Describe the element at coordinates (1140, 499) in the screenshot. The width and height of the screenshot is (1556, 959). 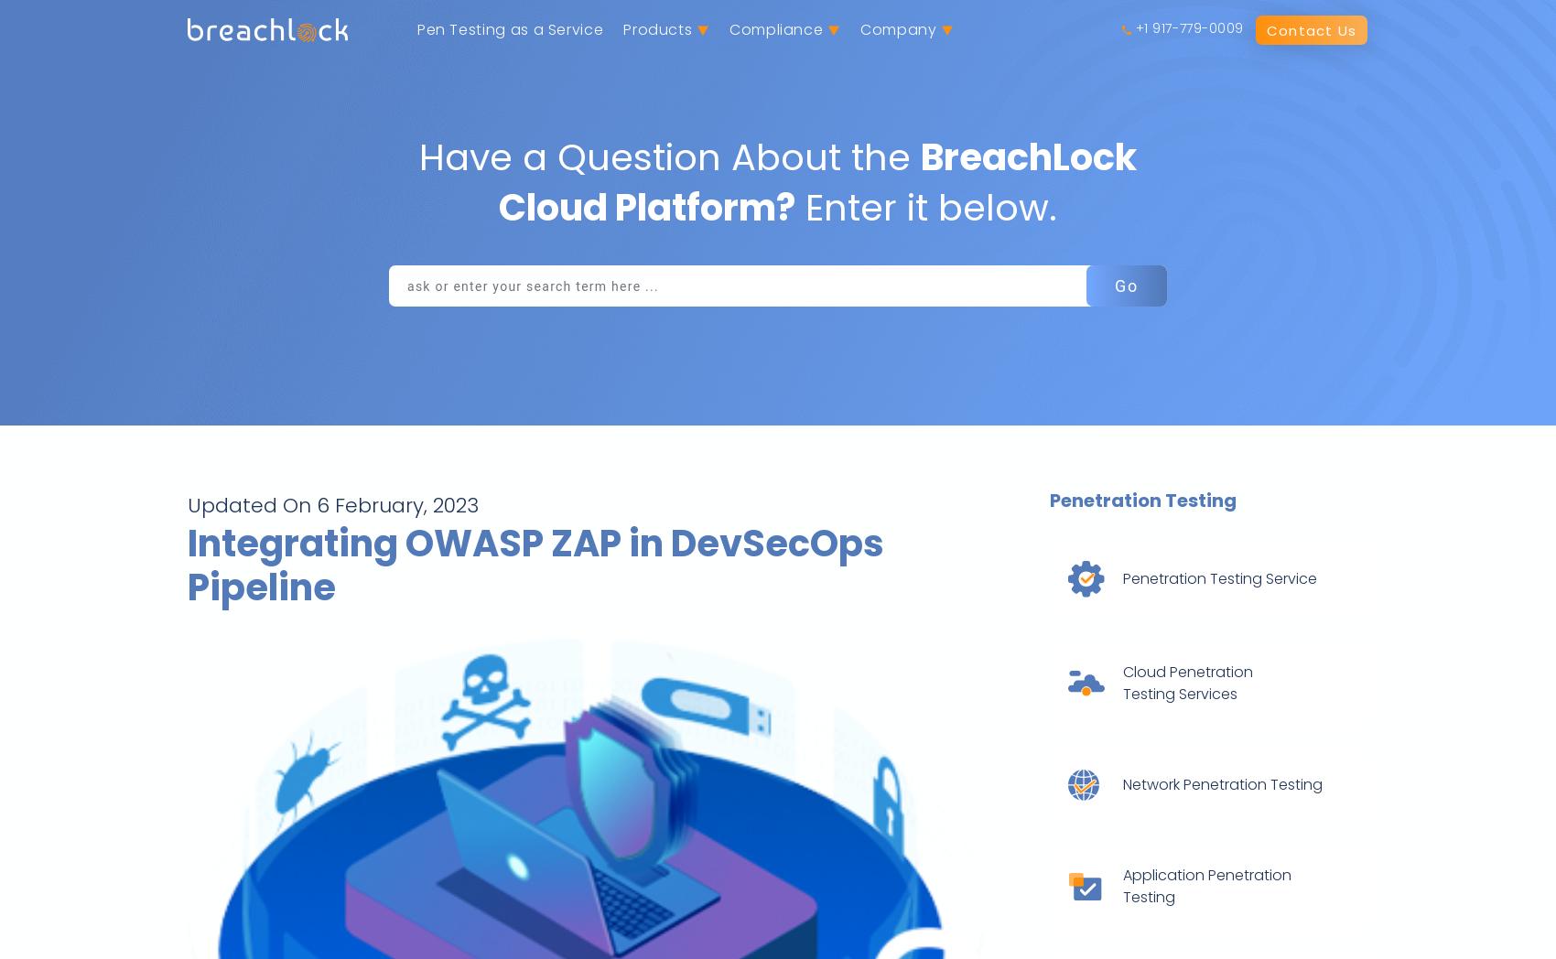
I see `'Penetration Testing'` at that location.